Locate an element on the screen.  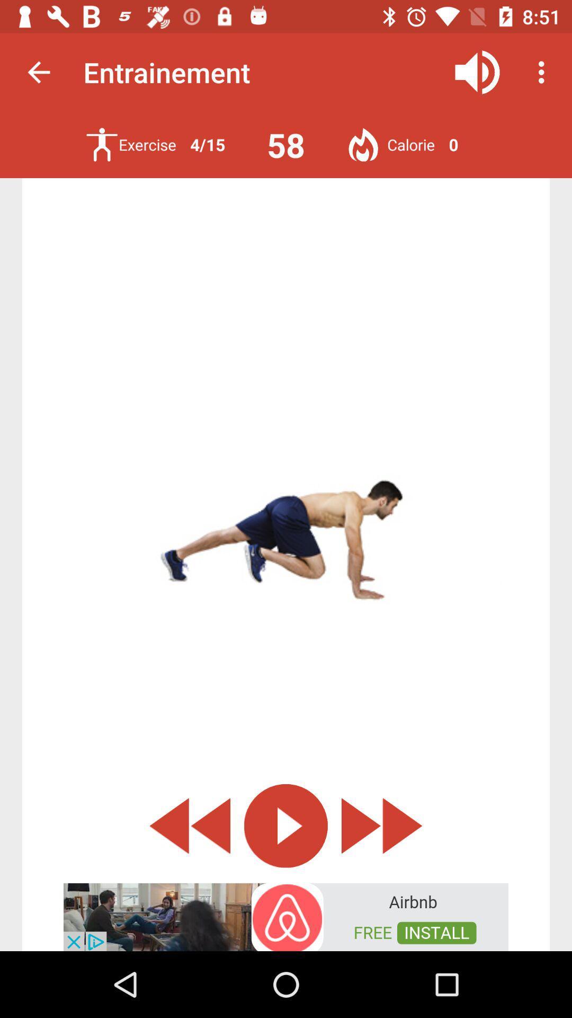
advertising bar is located at coordinates (286, 916).